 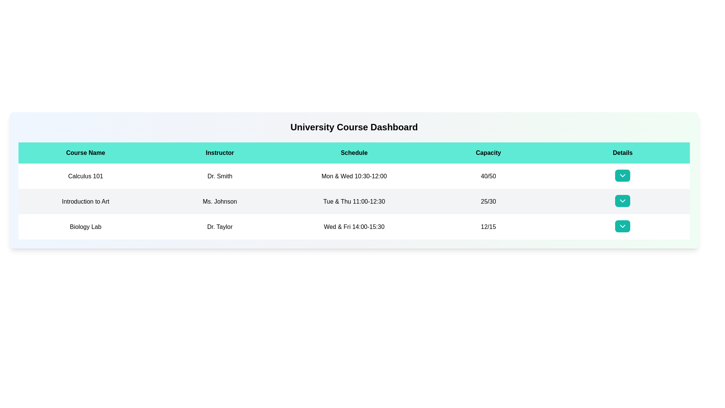 I want to click on the 'Biology Lab' text label, which is located in the third row, first column of a table, positioned to the left of 'Dr. Taylor' and above the schedule details for 'Wed & Fri 14:00-15:30', so click(x=85, y=226).